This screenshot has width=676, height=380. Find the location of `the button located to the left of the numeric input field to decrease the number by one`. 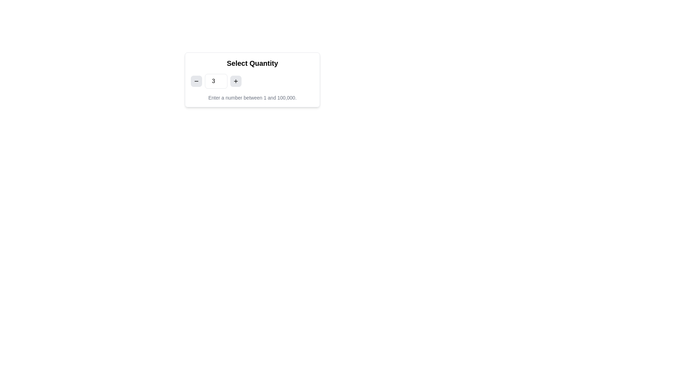

the button located to the left of the numeric input field to decrease the number by one is located at coordinates (196, 81).